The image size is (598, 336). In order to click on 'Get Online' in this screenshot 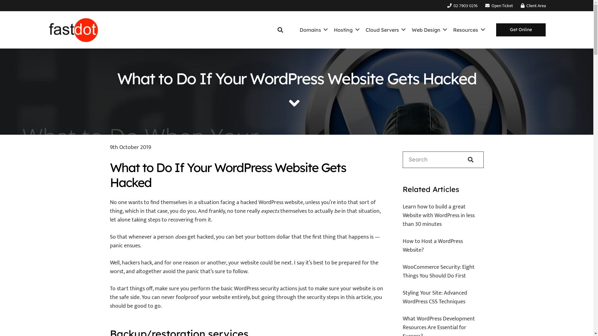, I will do `click(521, 30)`.